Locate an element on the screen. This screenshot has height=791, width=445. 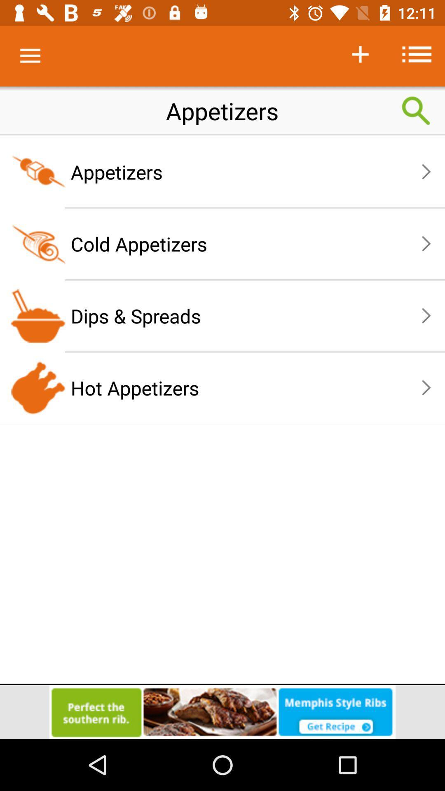
the search icon is located at coordinates (416, 110).